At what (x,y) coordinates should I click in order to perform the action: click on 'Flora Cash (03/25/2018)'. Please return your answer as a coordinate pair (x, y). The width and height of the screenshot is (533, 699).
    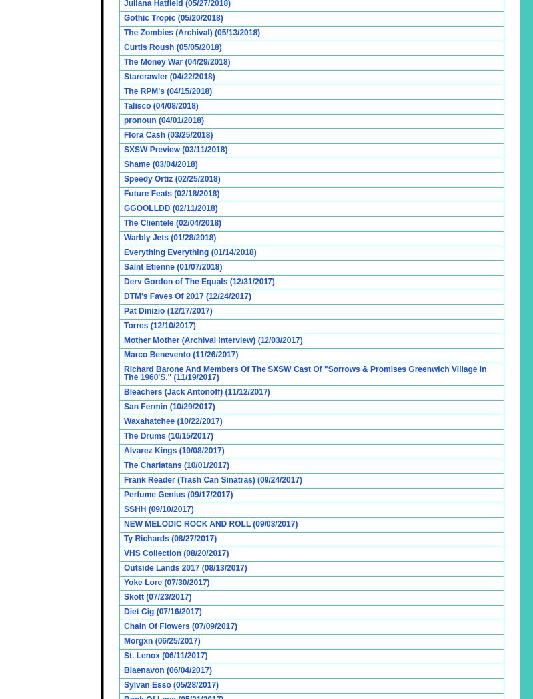
    Looking at the image, I should click on (123, 134).